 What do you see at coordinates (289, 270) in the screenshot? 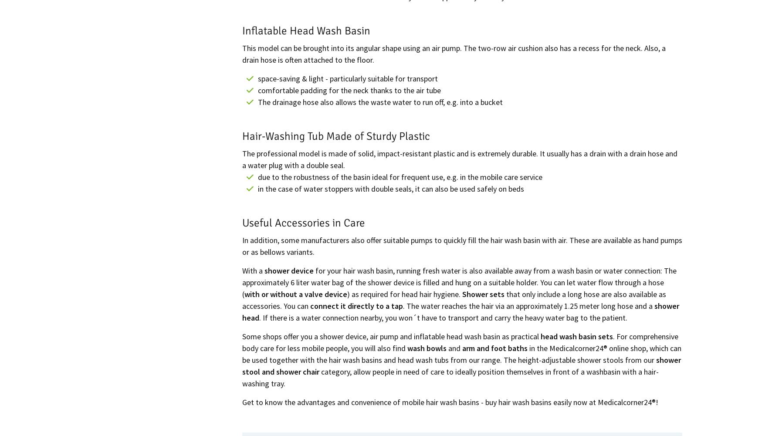
I see `'shower device'` at bounding box center [289, 270].